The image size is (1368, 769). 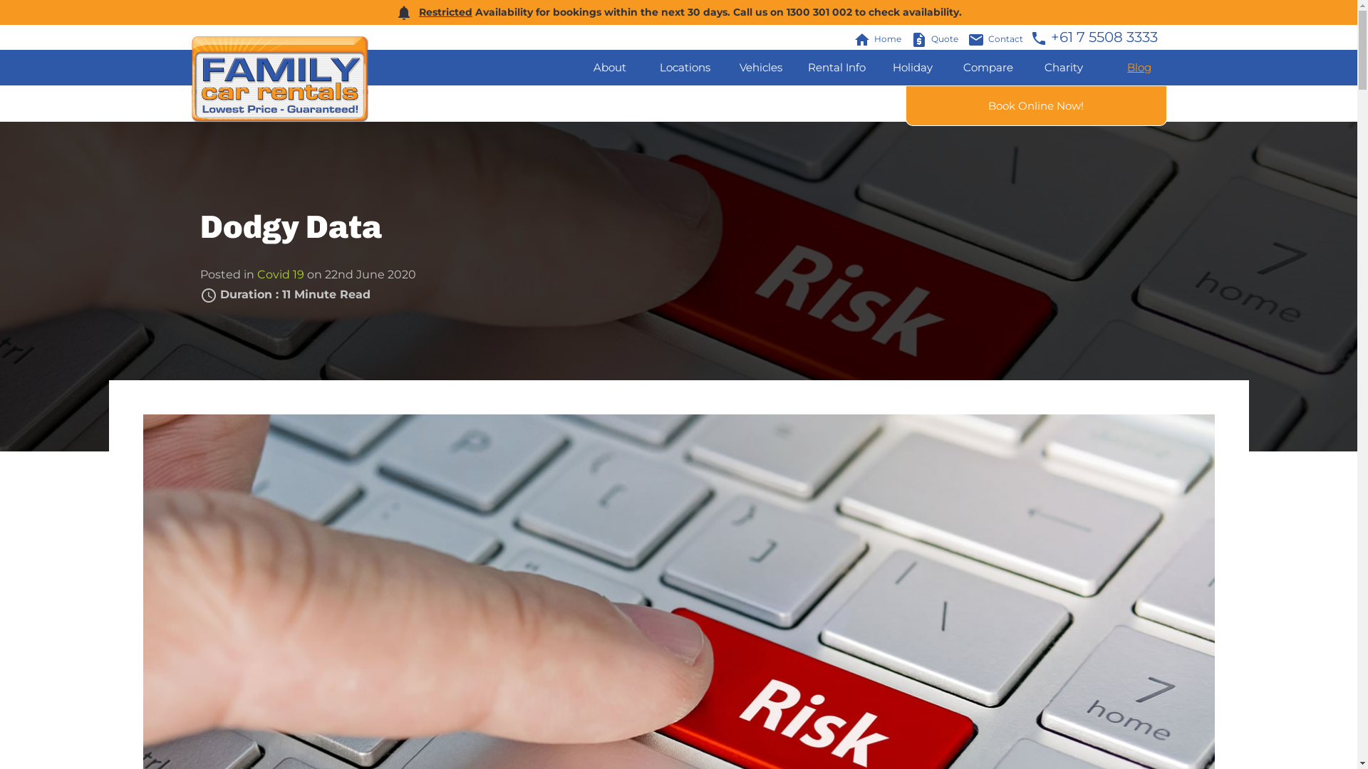 What do you see at coordinates (1063, 68) in the screenshot?
I see `'Charity'` at bounding box center [1063, 68].